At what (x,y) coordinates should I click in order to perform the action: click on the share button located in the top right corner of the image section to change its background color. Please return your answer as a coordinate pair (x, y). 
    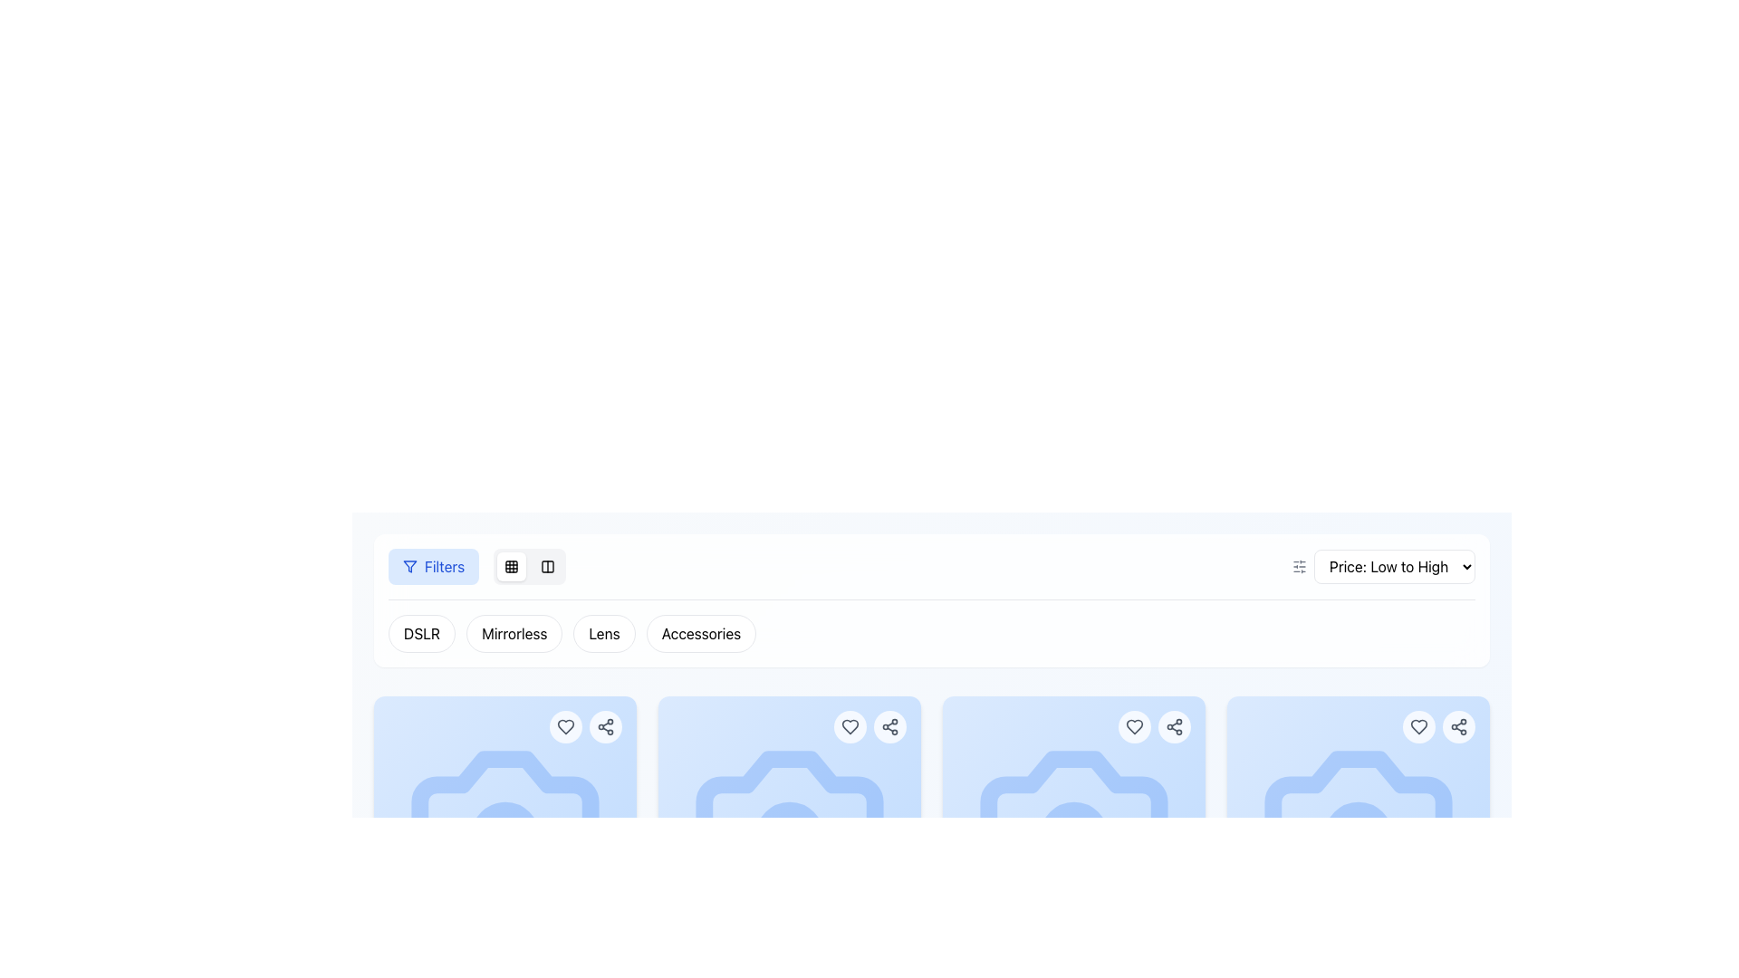
    Looking at the image, I should click on (890, 725).